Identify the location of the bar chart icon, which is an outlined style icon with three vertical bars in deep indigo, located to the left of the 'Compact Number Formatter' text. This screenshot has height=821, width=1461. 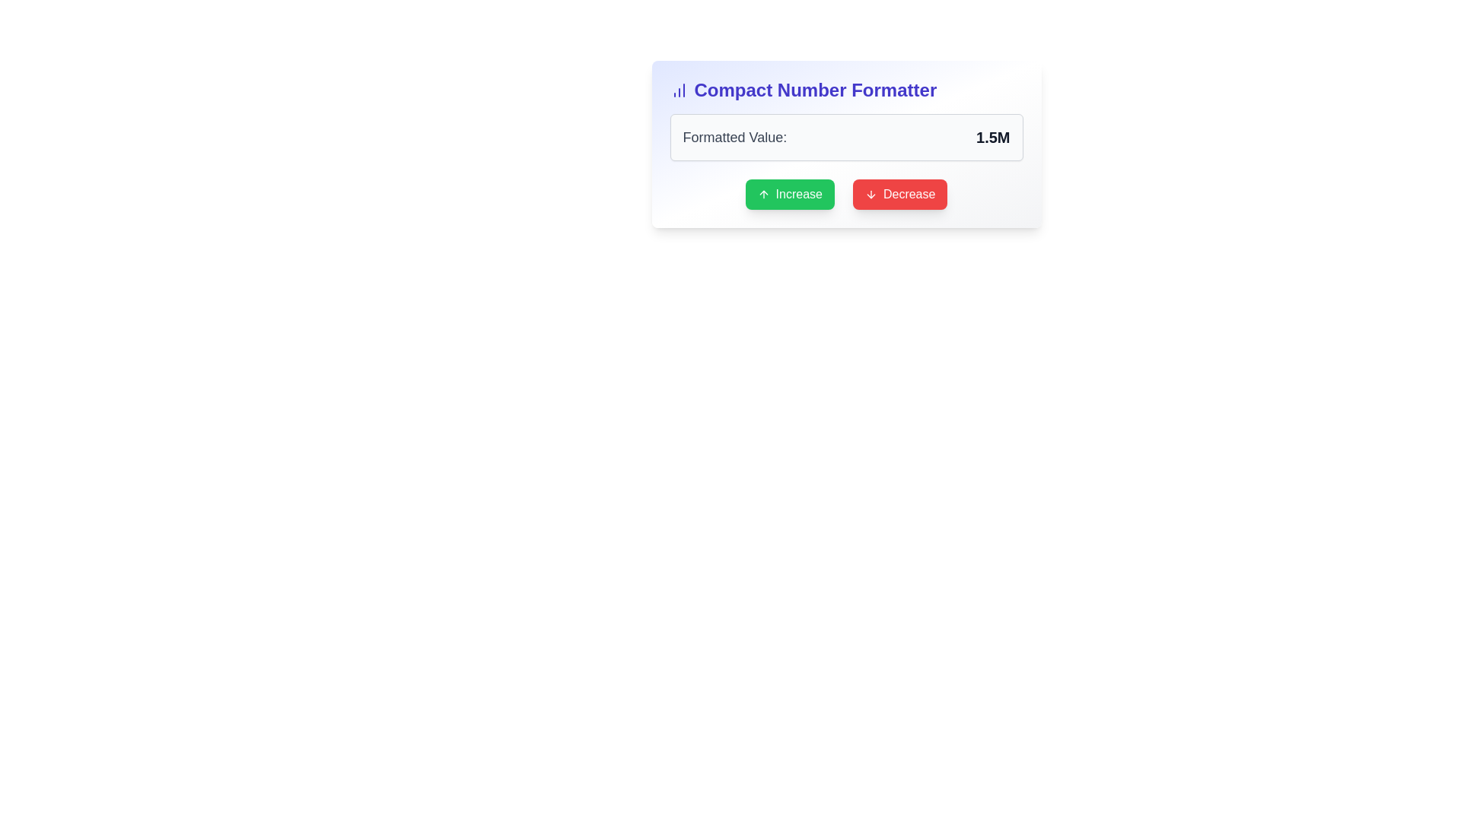
(678, 90).